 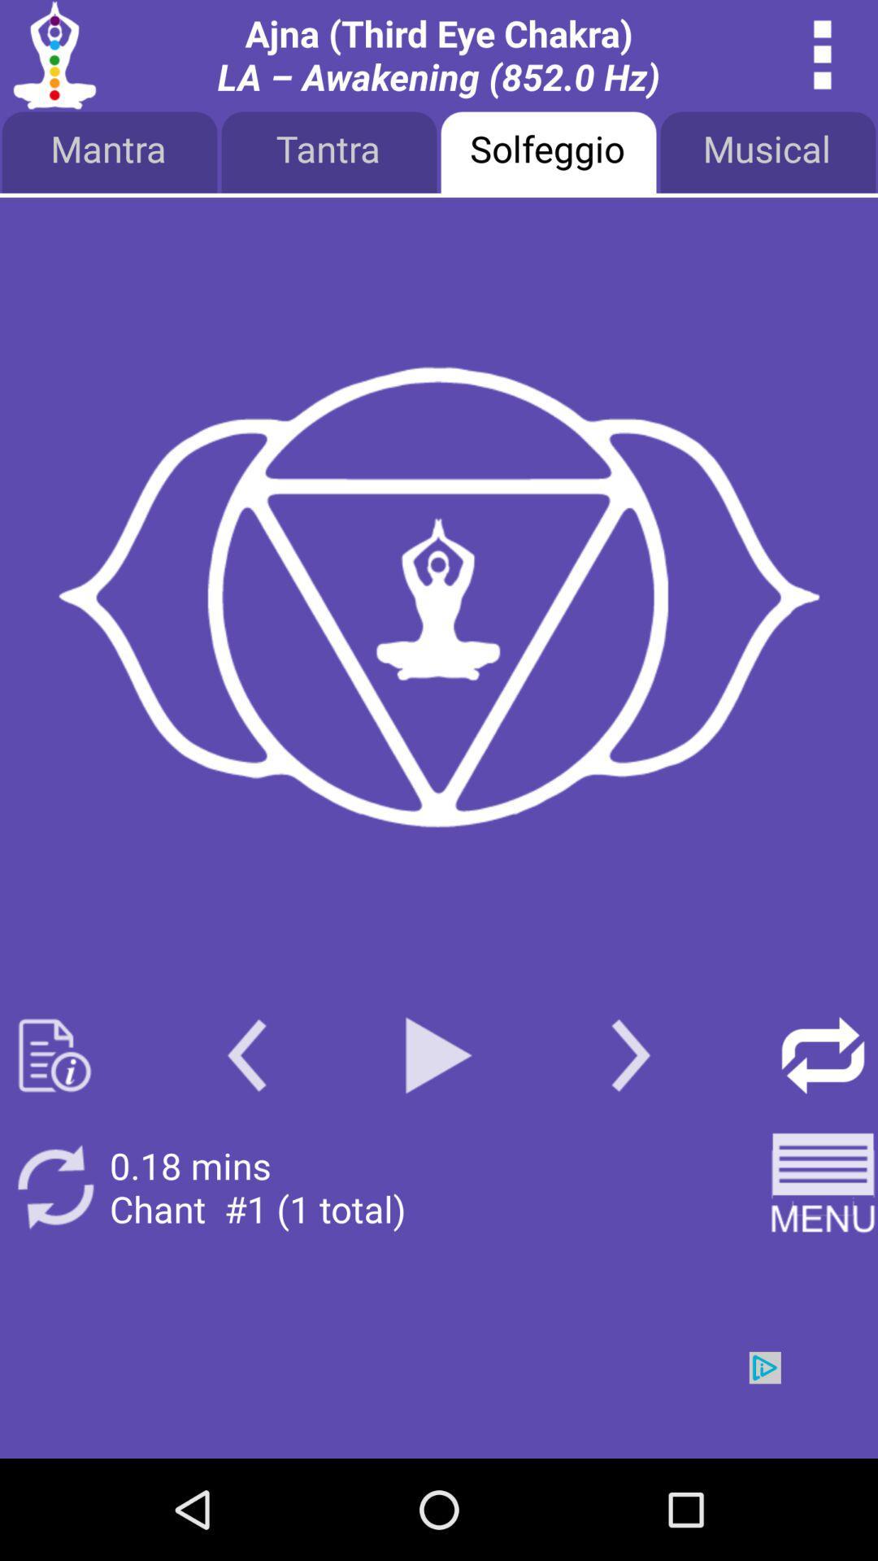 I want to click on play, so click(x=439, y=1055).